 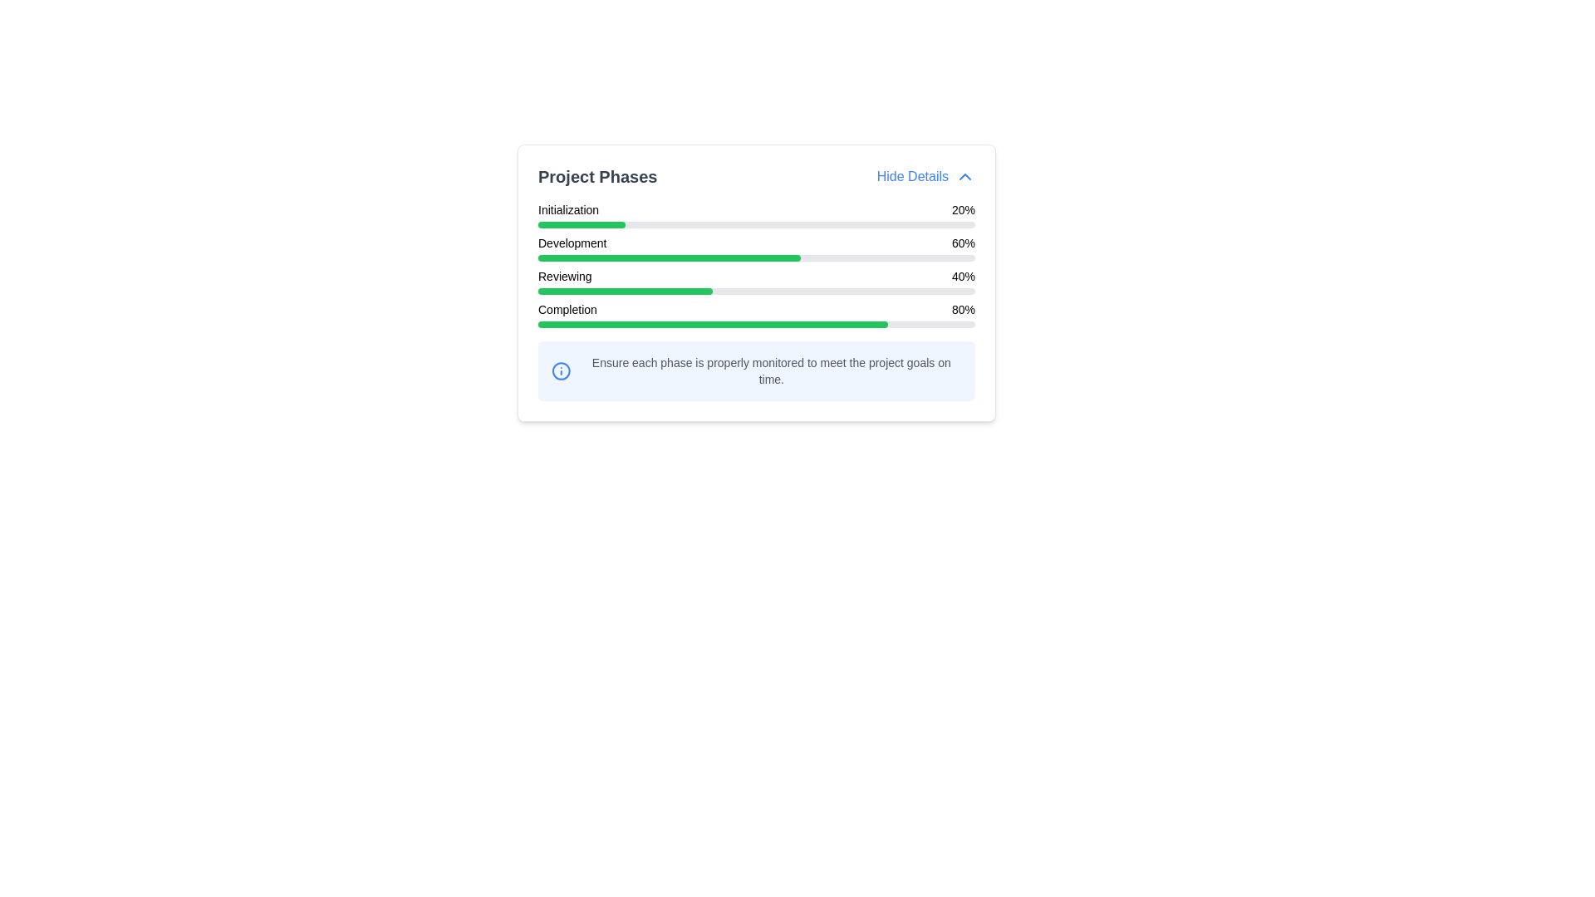 I want to click on the percentage indicator text label showing '80%' to associate it with the corresponding progress bar for 'Completion', so click(x=964, y=310).